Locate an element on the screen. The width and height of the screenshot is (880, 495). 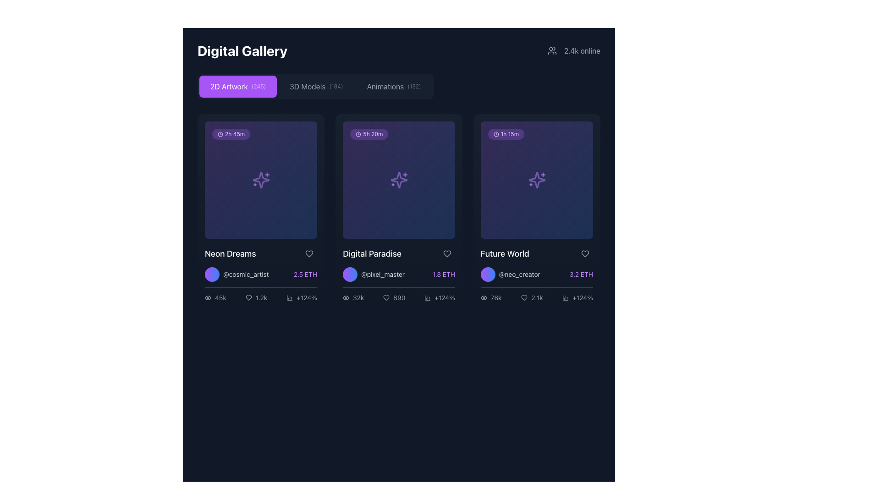
the Icon and Text Group displaying the SVG bar chart icon and the text '+124%' located at the bottom-right part of the 'Neon Dreams' card, which is the third metric in that section is located at coordinates (302, 298).